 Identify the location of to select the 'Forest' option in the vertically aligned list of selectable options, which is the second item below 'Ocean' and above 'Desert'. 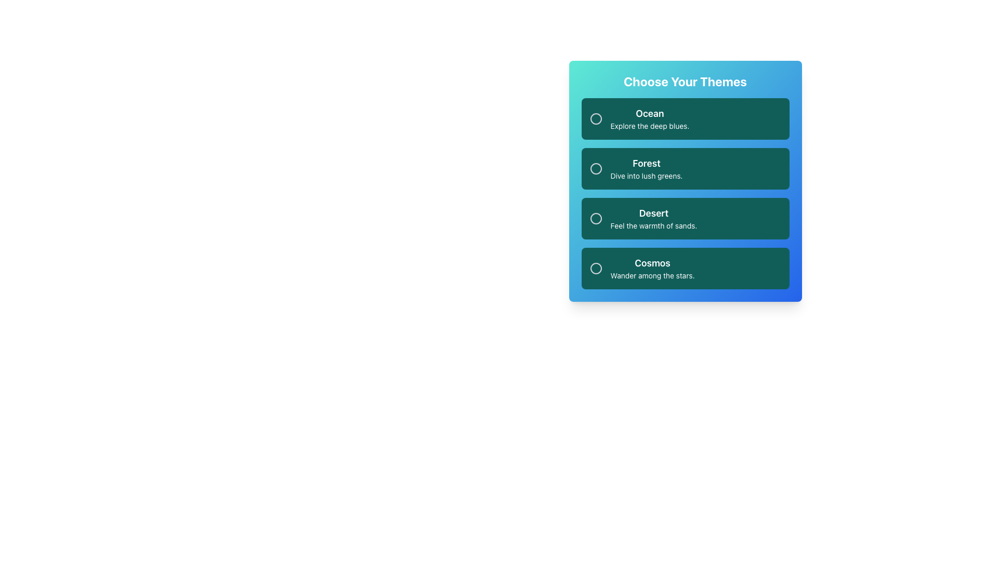
(685, 168).